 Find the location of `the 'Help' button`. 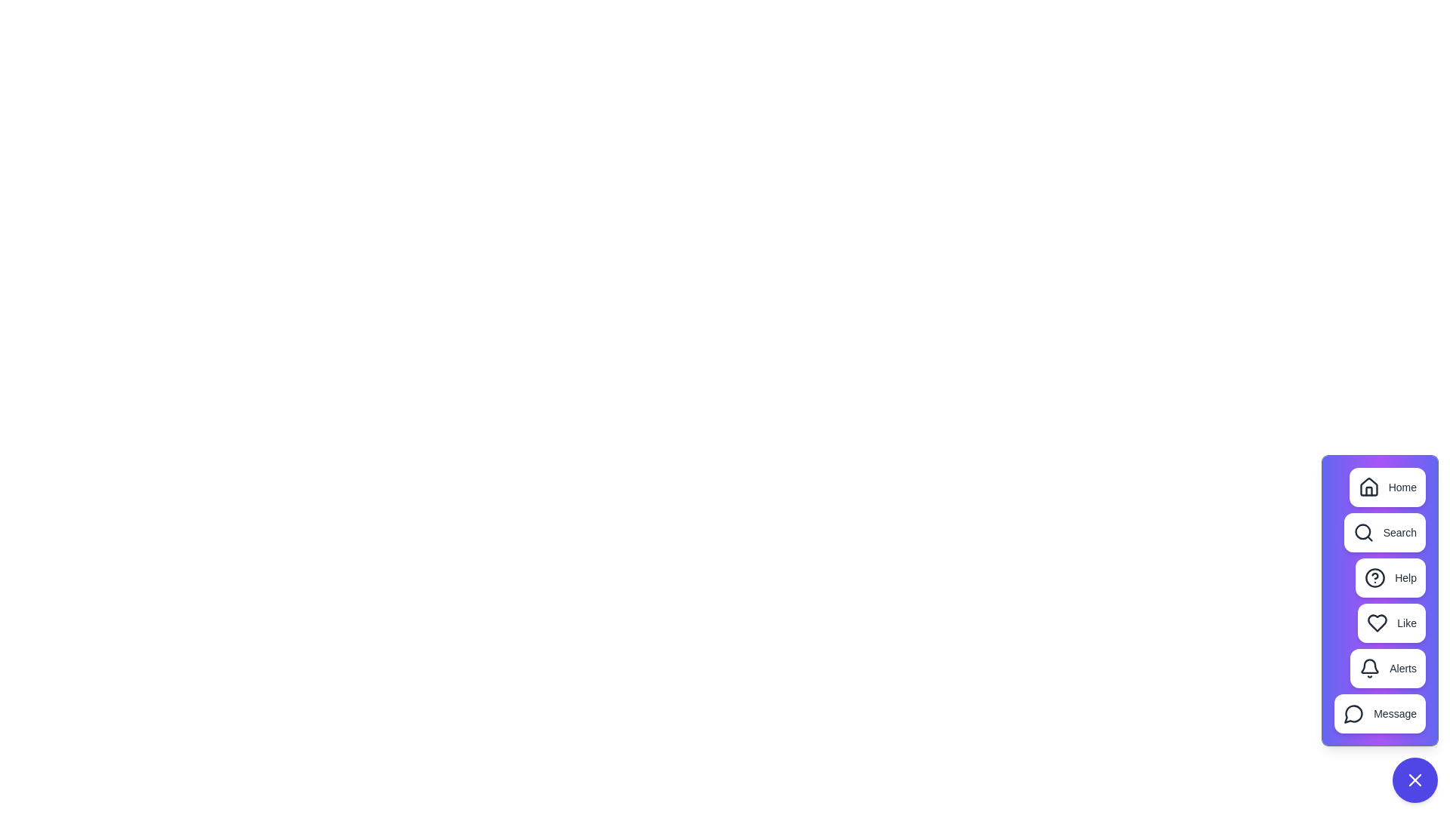

the 'Help' button is located at coordinates (1390, 577).